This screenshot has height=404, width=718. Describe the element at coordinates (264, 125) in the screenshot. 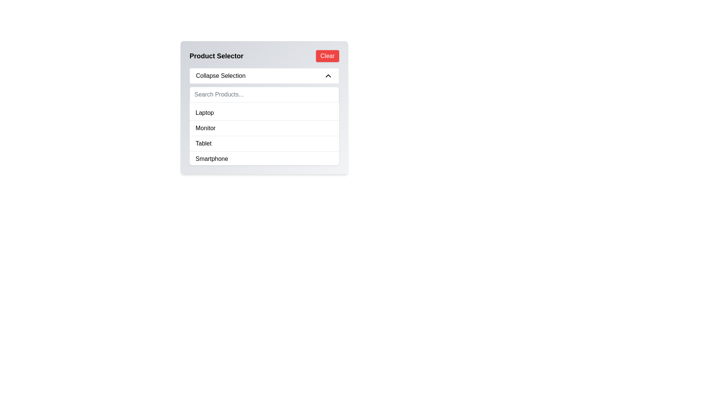

I see `the second item labeled 'Monitor' in the dropdown list` at that location.